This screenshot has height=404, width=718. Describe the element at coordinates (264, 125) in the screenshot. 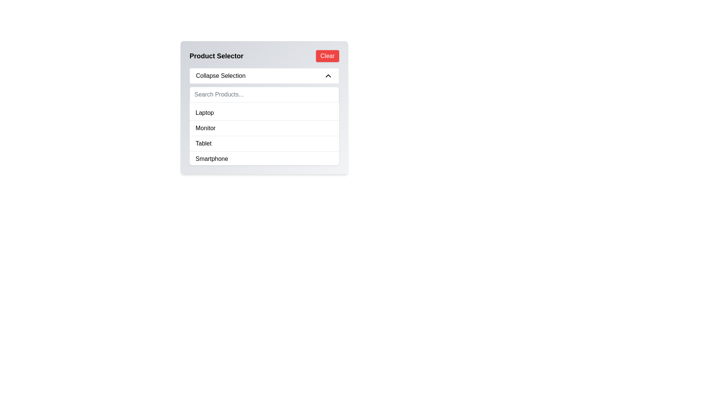

I see `the second item labeled 'Monitor' in the dropdown list` at that location.